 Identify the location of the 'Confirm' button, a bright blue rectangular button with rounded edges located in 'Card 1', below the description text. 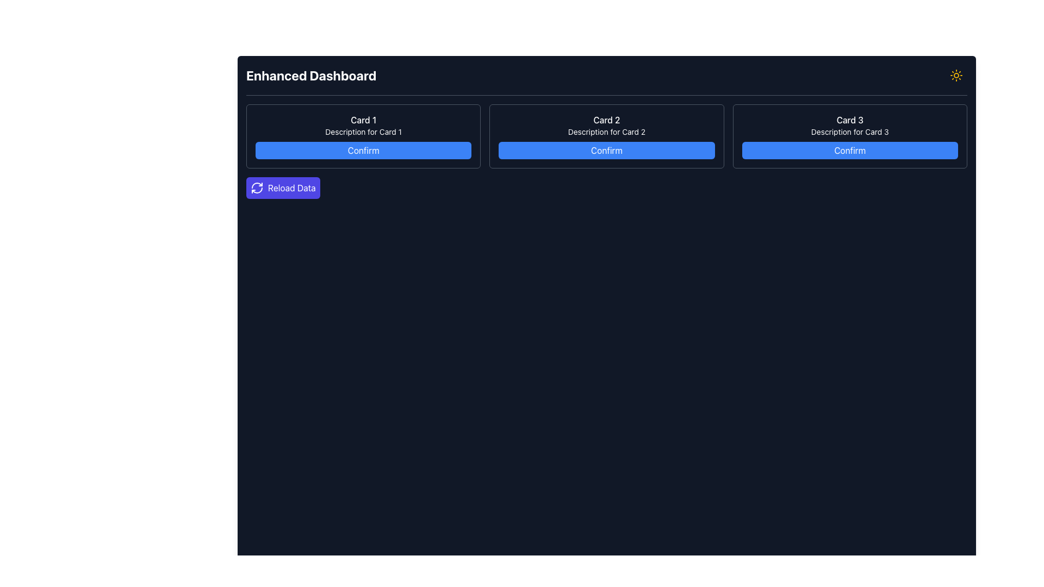
(363, 151).